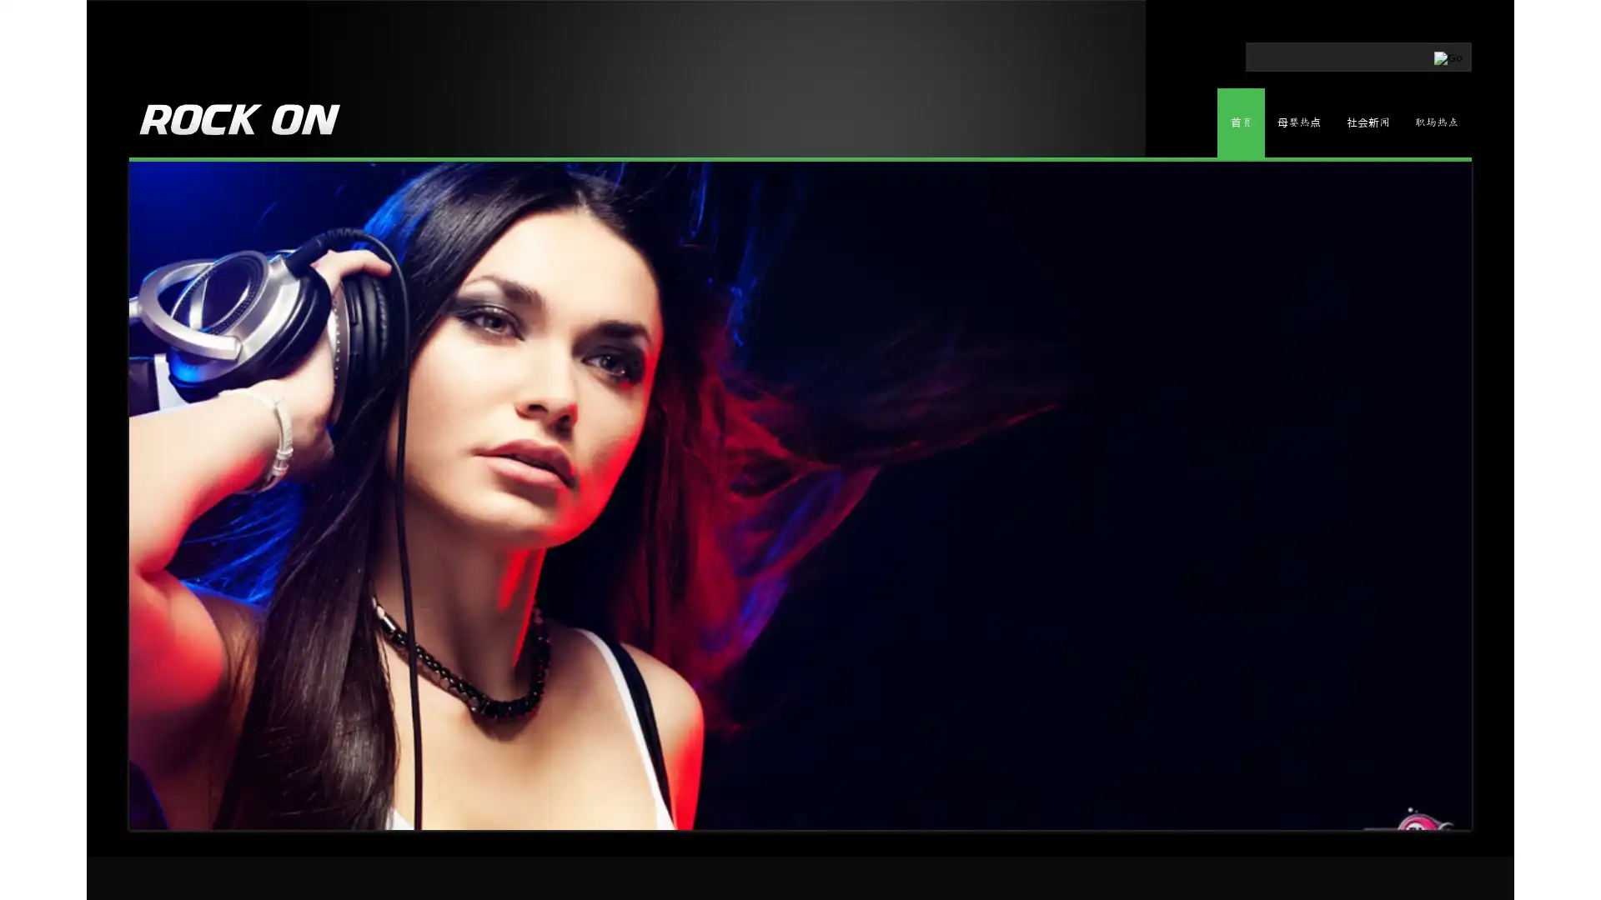 The image size is (1601, 900). What do you see at coordinates (1378, 53) in the screenshot?
I see `Go` at bounding box center [1378, 53].